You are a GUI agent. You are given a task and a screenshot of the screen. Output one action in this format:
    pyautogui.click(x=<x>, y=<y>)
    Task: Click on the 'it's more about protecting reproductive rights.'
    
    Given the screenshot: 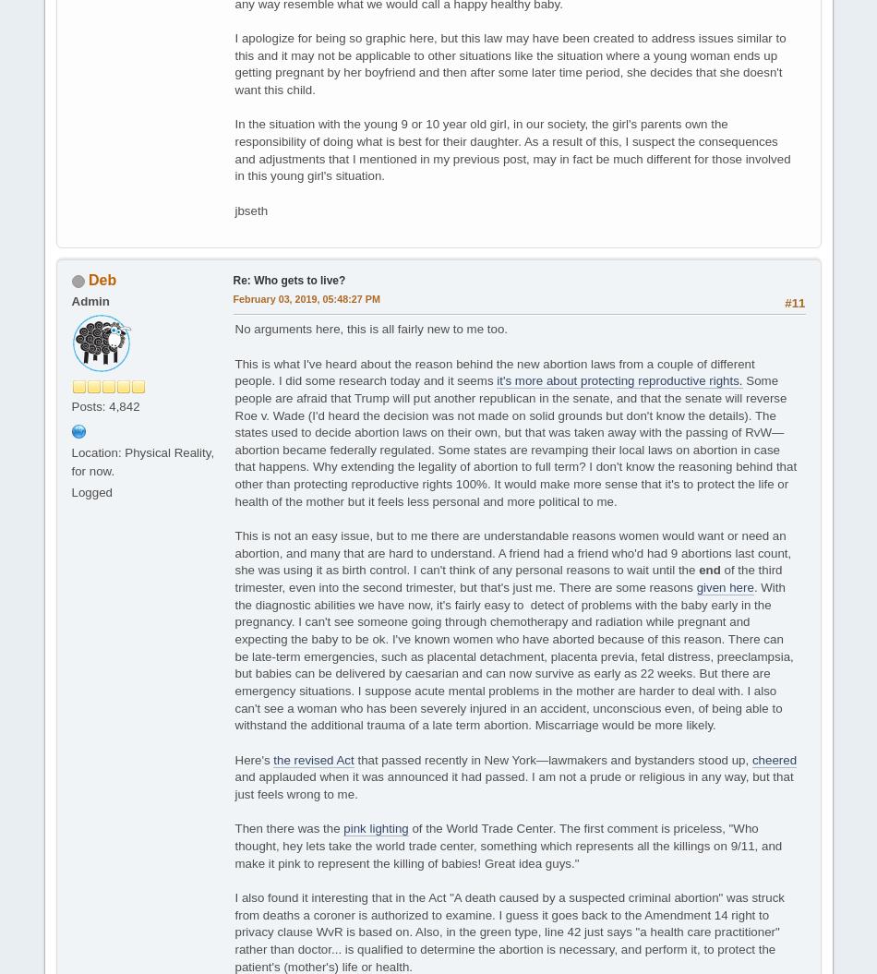 What is the action you would take?
    pyautogui.click(x=496, y=379)
    